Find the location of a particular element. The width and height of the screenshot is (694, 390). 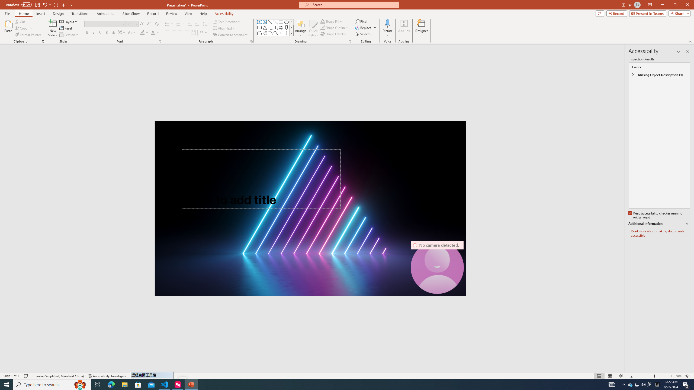

'Shadow' is located at coordinates (107, 32).